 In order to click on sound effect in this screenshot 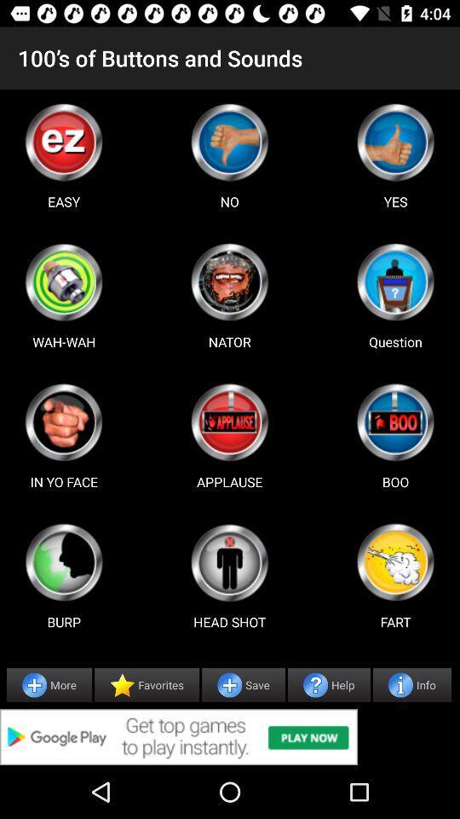, I will do `click(395, 561)`.